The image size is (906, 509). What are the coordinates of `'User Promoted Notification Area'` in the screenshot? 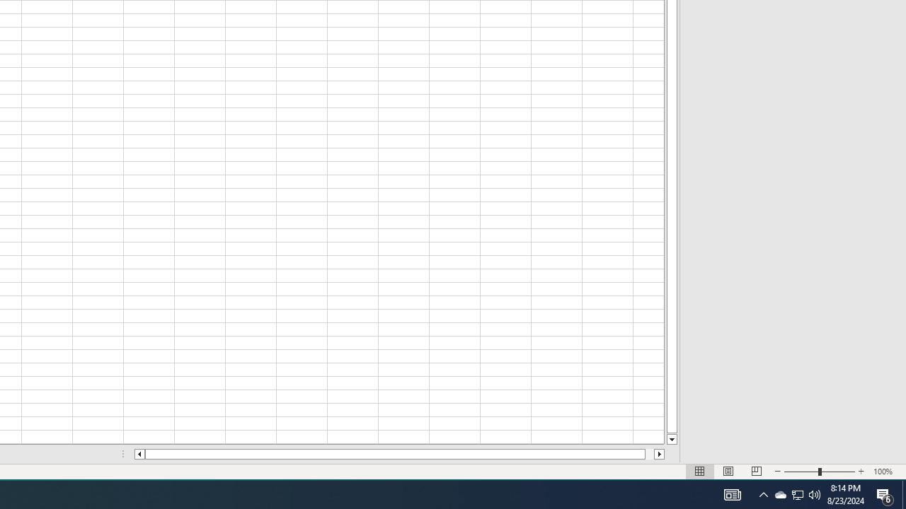 It's located at (798, 493).